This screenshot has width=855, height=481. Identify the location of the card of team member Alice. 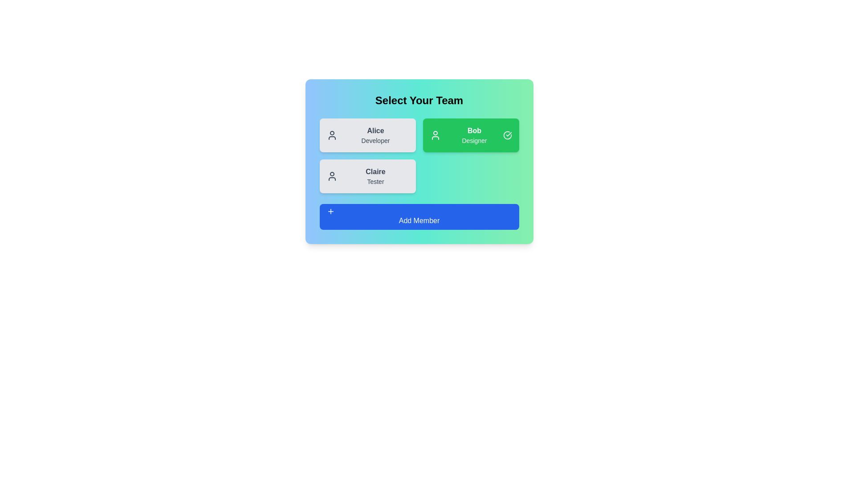
(367, 135).